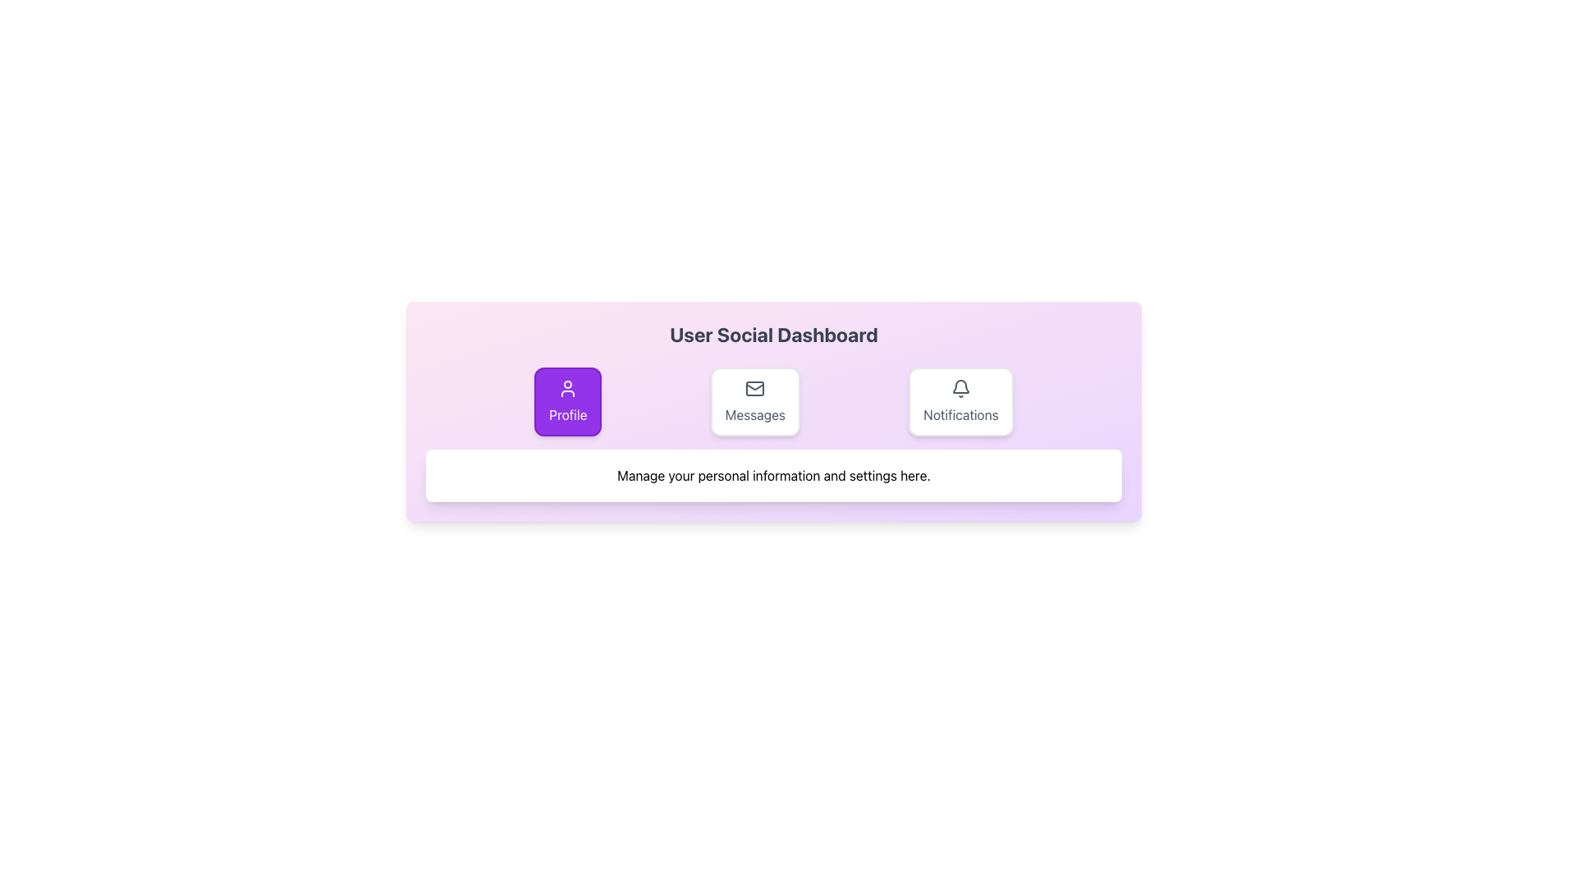 The height and width of the screenshot is (886, 1576). Describe the element at coordinates (754, 389) in the screenshot. I see `the rectangular shape with rounded corners located centrally inside the mail icon, which is the middle icon in a row of three icons` at that location.